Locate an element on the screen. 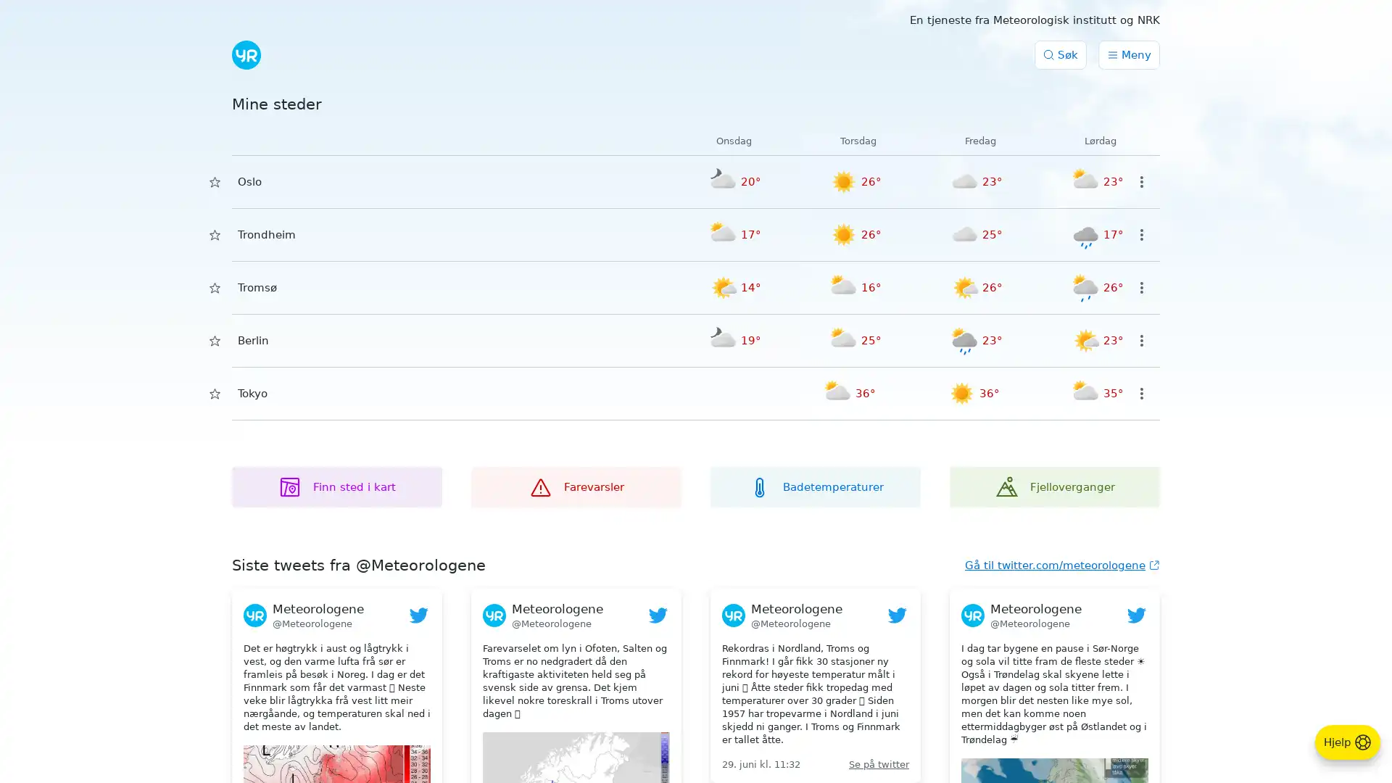 The image size is (1392, 783). Valg for sted is located at coordinates (1140, 288).